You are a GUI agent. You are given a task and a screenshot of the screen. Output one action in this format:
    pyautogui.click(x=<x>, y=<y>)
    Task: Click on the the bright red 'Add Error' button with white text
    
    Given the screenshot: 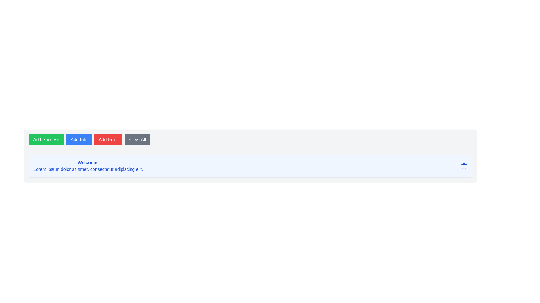 What is the action you would take?
    pyautogui.click(x=108, y=139)
    